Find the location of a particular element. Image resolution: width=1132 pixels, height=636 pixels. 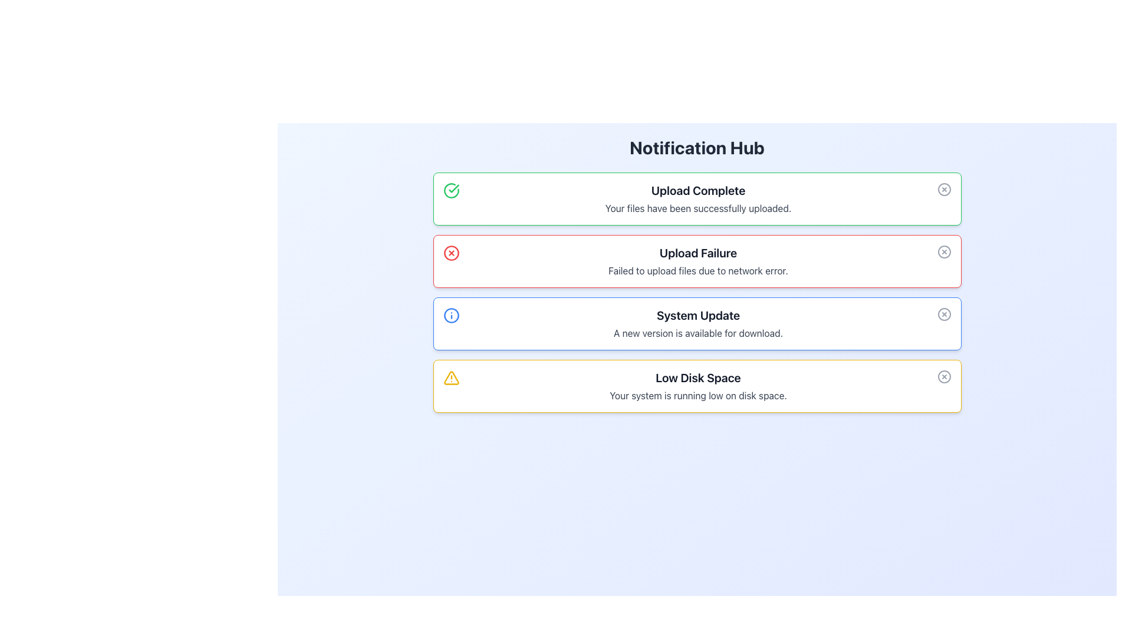

the small circular graphic element with a defined border located on the right side of the 'System Update' notification card in the Notification Hub is located at coordinates (944, 313).